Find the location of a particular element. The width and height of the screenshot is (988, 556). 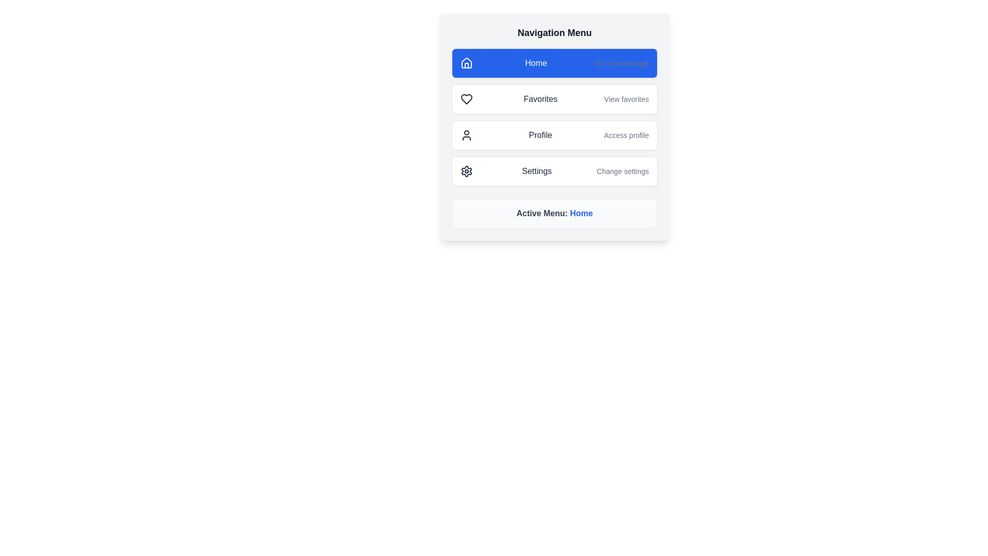

the 'Profile' text label in the navigation menu is located at coordinates (540, 134).